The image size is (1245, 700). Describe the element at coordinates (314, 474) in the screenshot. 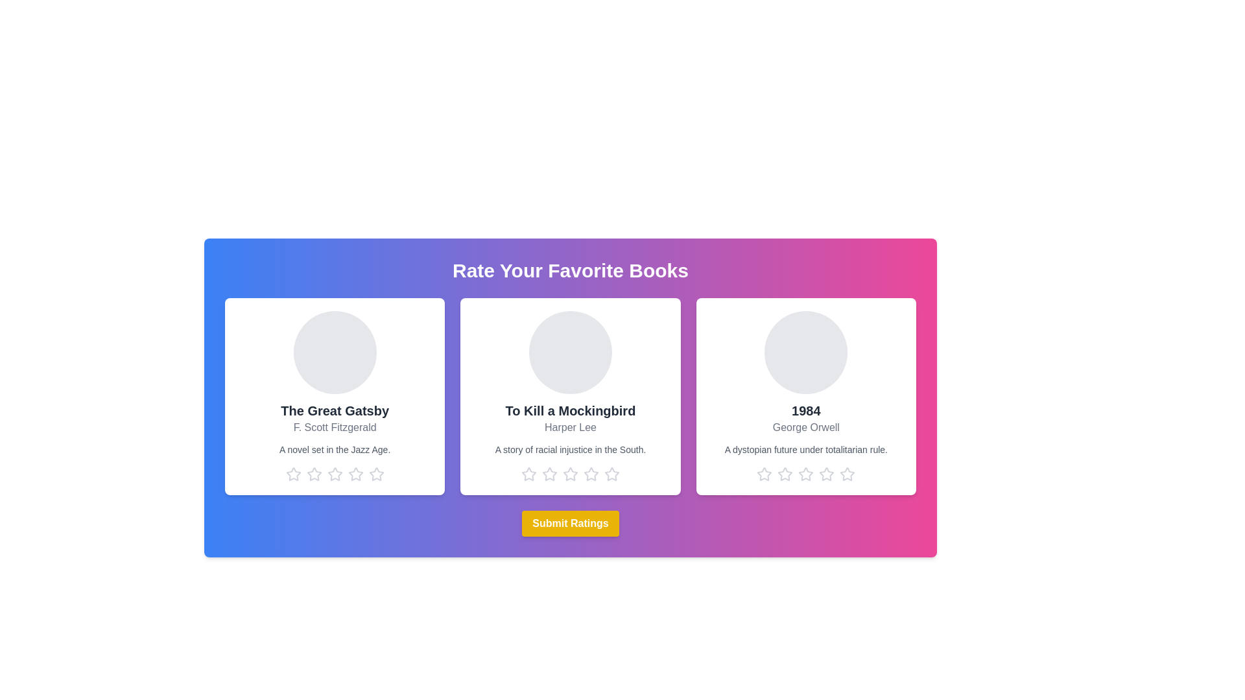

I see `the star corresponding to the rating 2 for the book titled The Great Gatsby` at that location.